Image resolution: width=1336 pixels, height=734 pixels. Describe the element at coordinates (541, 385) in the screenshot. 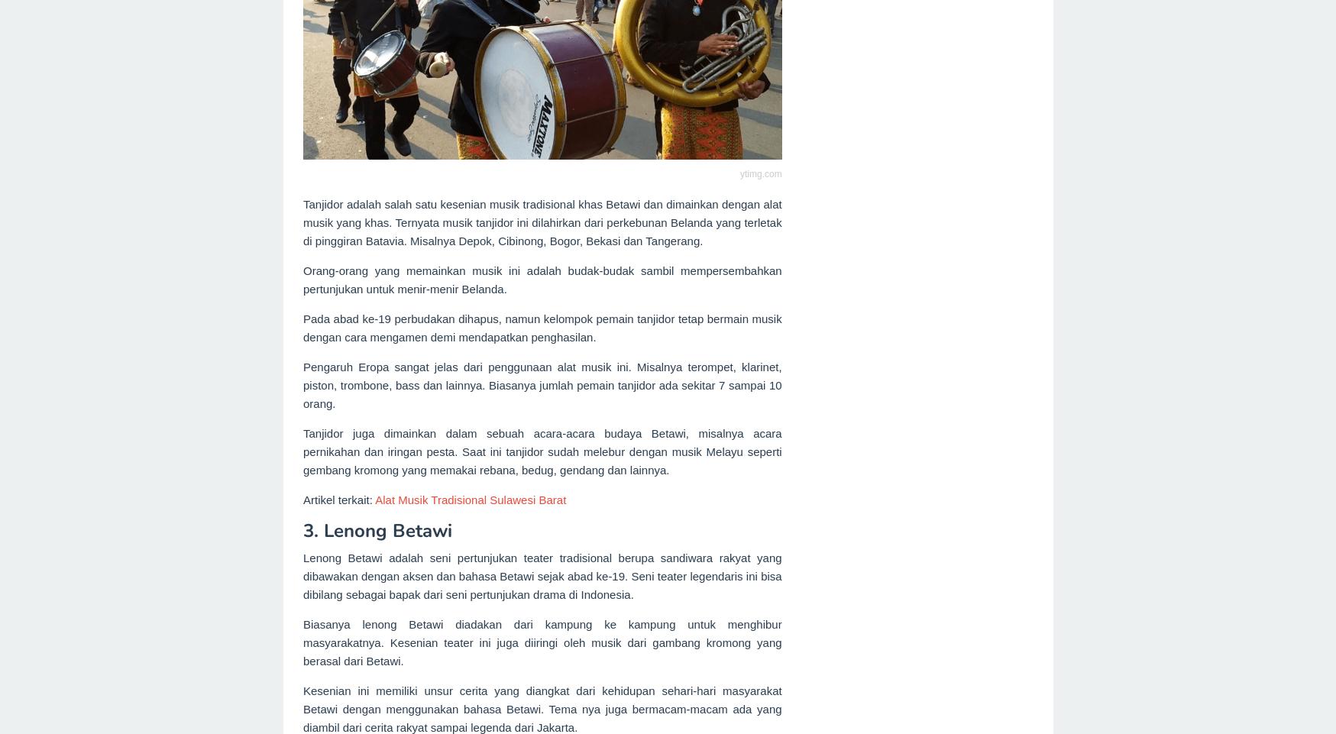

I see `'Pengaruh Eropa sangat jelas dari penggunaan alat musik ini. Misalnya terompet, klarinet, piston, trombone, bass dan lainnya. Biasanya jumlah pemain tanjidor ada sekitar 7 sampai 10 orang.'` at that location.